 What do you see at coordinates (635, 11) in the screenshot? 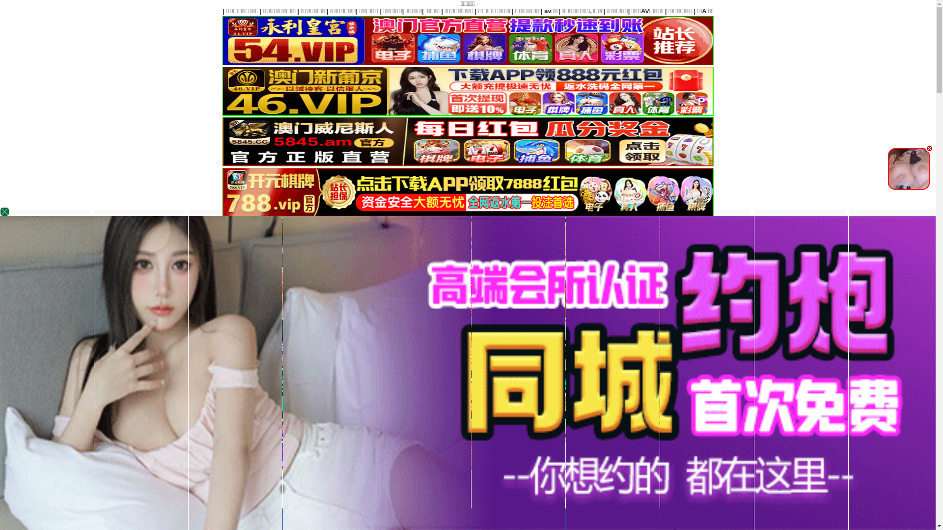
I see `'|'` at bounding box center [635, 11].